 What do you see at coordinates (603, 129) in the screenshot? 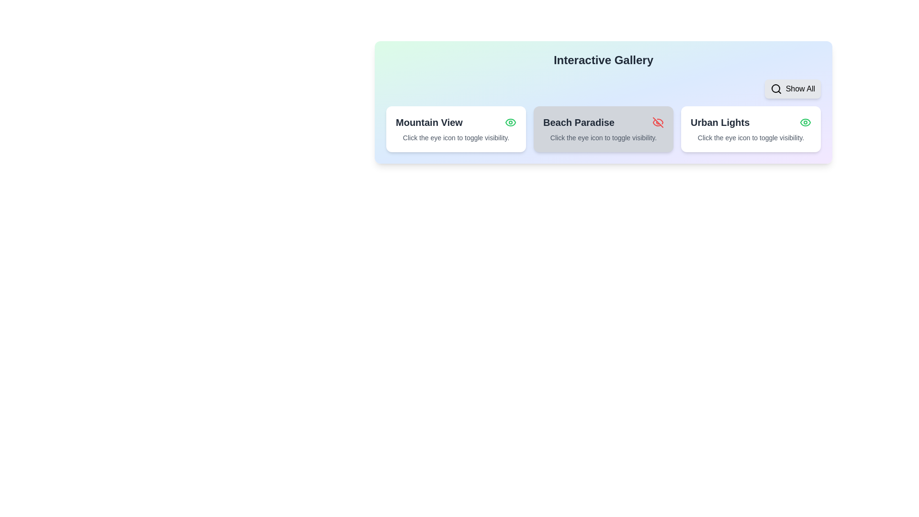
I see `the item card titled 'Beach Paradise'` at bounding box center [603, 129].